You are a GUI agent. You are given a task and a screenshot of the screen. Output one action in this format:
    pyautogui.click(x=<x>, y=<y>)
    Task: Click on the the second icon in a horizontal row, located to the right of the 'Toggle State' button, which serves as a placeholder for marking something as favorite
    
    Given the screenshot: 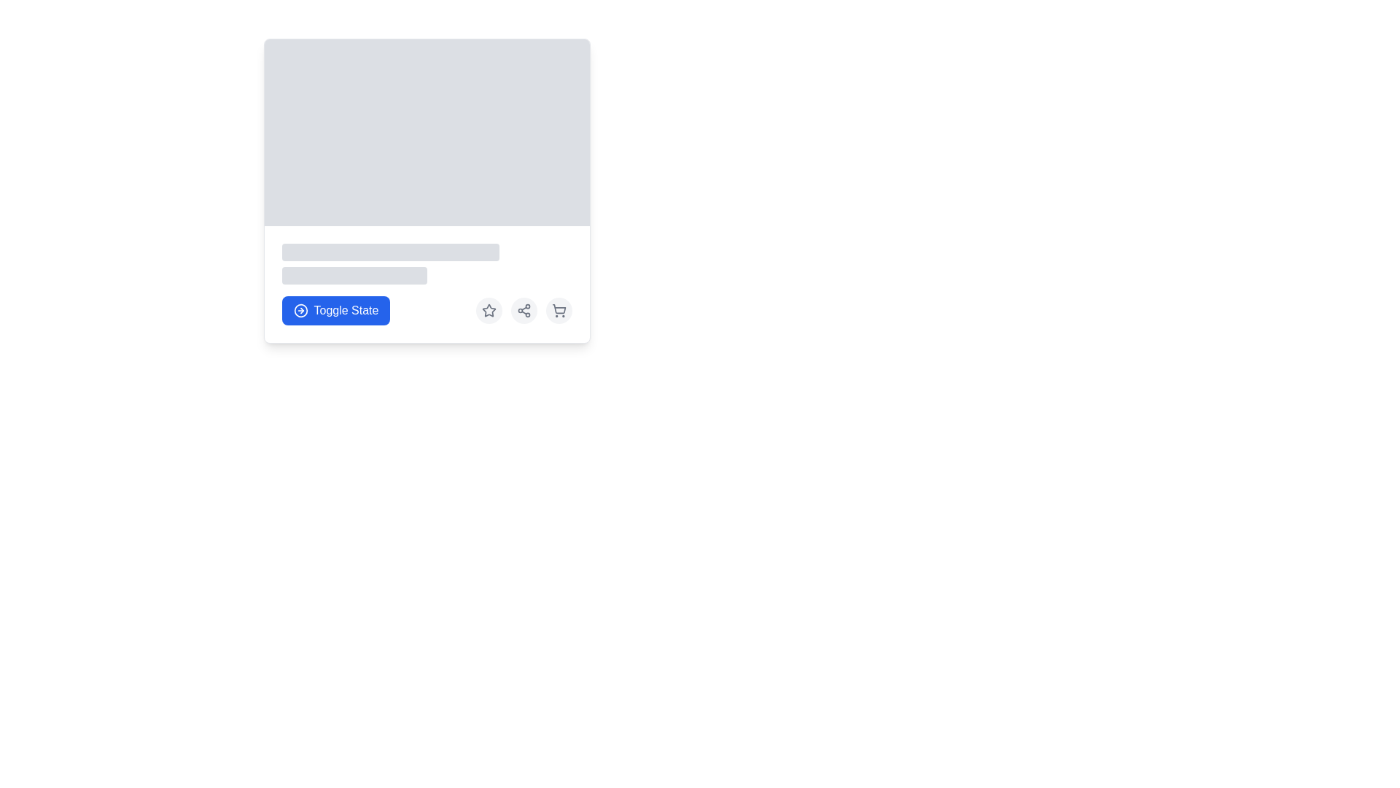 What is the action you would take?
    pyautogui.click(x=489, y=309)
    